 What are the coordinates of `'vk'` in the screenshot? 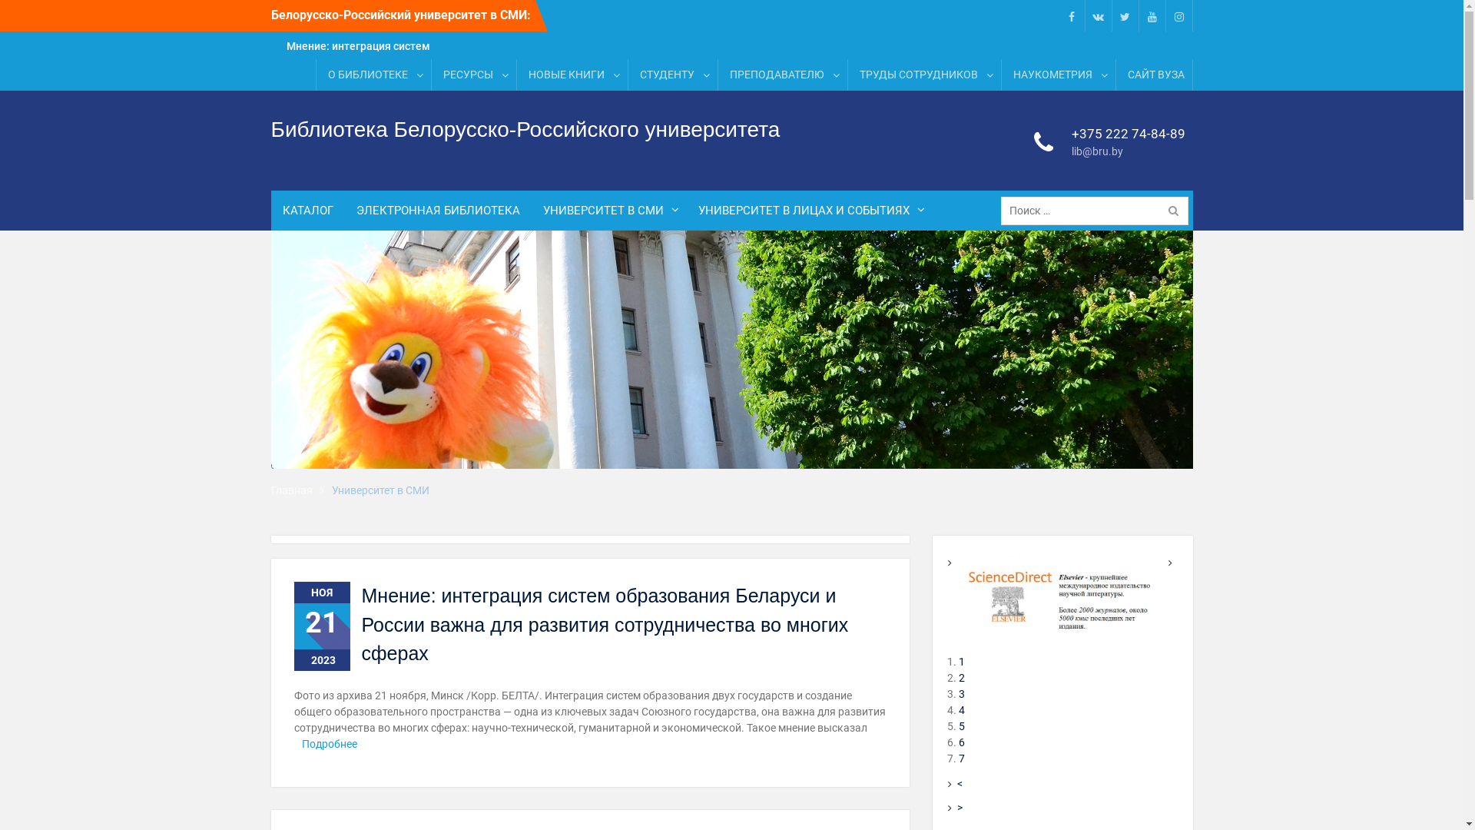 It's located at (1098, 15).